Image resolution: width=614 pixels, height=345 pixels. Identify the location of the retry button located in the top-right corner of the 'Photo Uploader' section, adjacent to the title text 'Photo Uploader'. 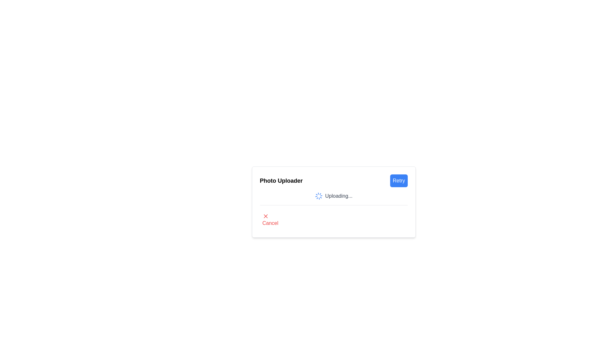
(398, 181).